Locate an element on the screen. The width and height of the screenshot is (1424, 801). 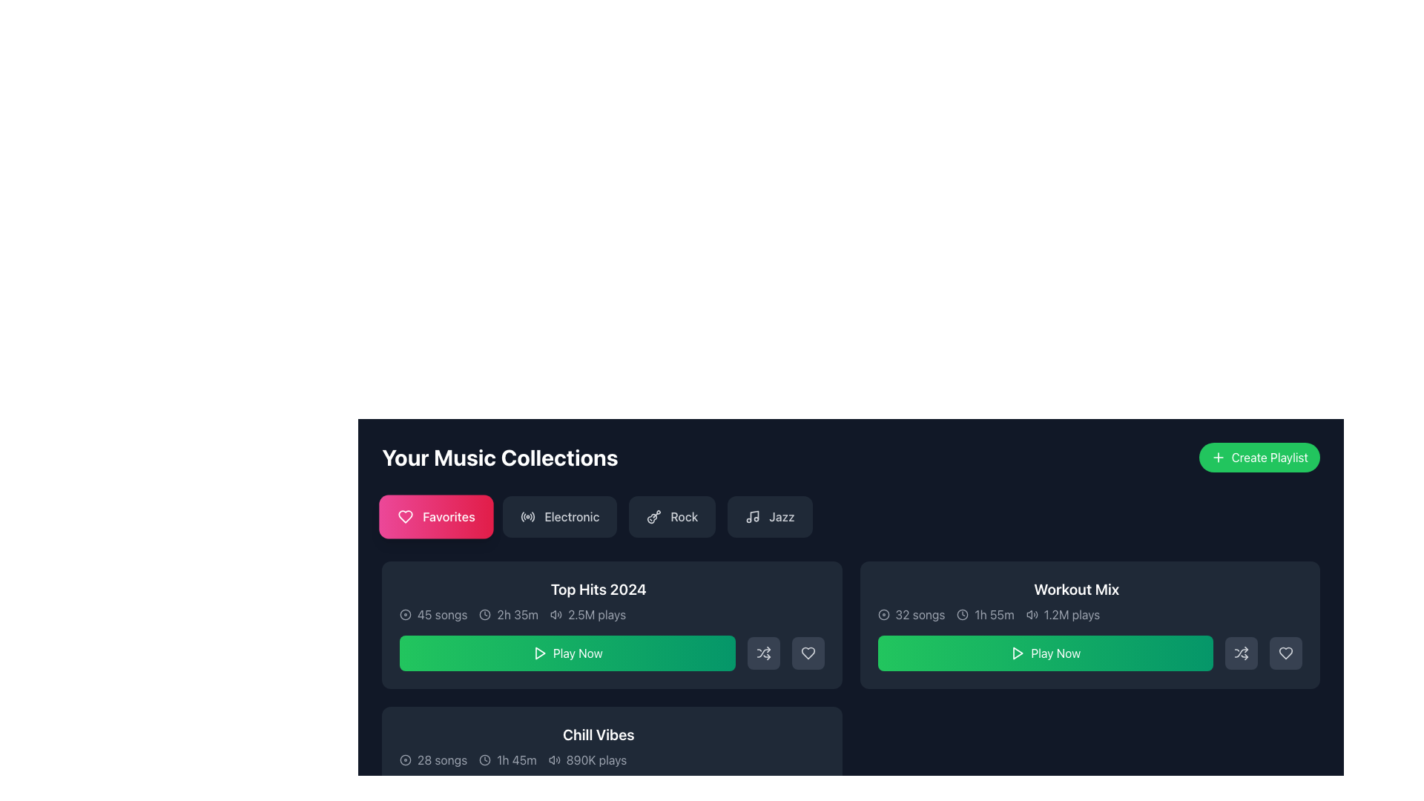
the graphical icon (circular shape) located in the bottom-left section of the music collection interface is located at coordinates (406, 760).